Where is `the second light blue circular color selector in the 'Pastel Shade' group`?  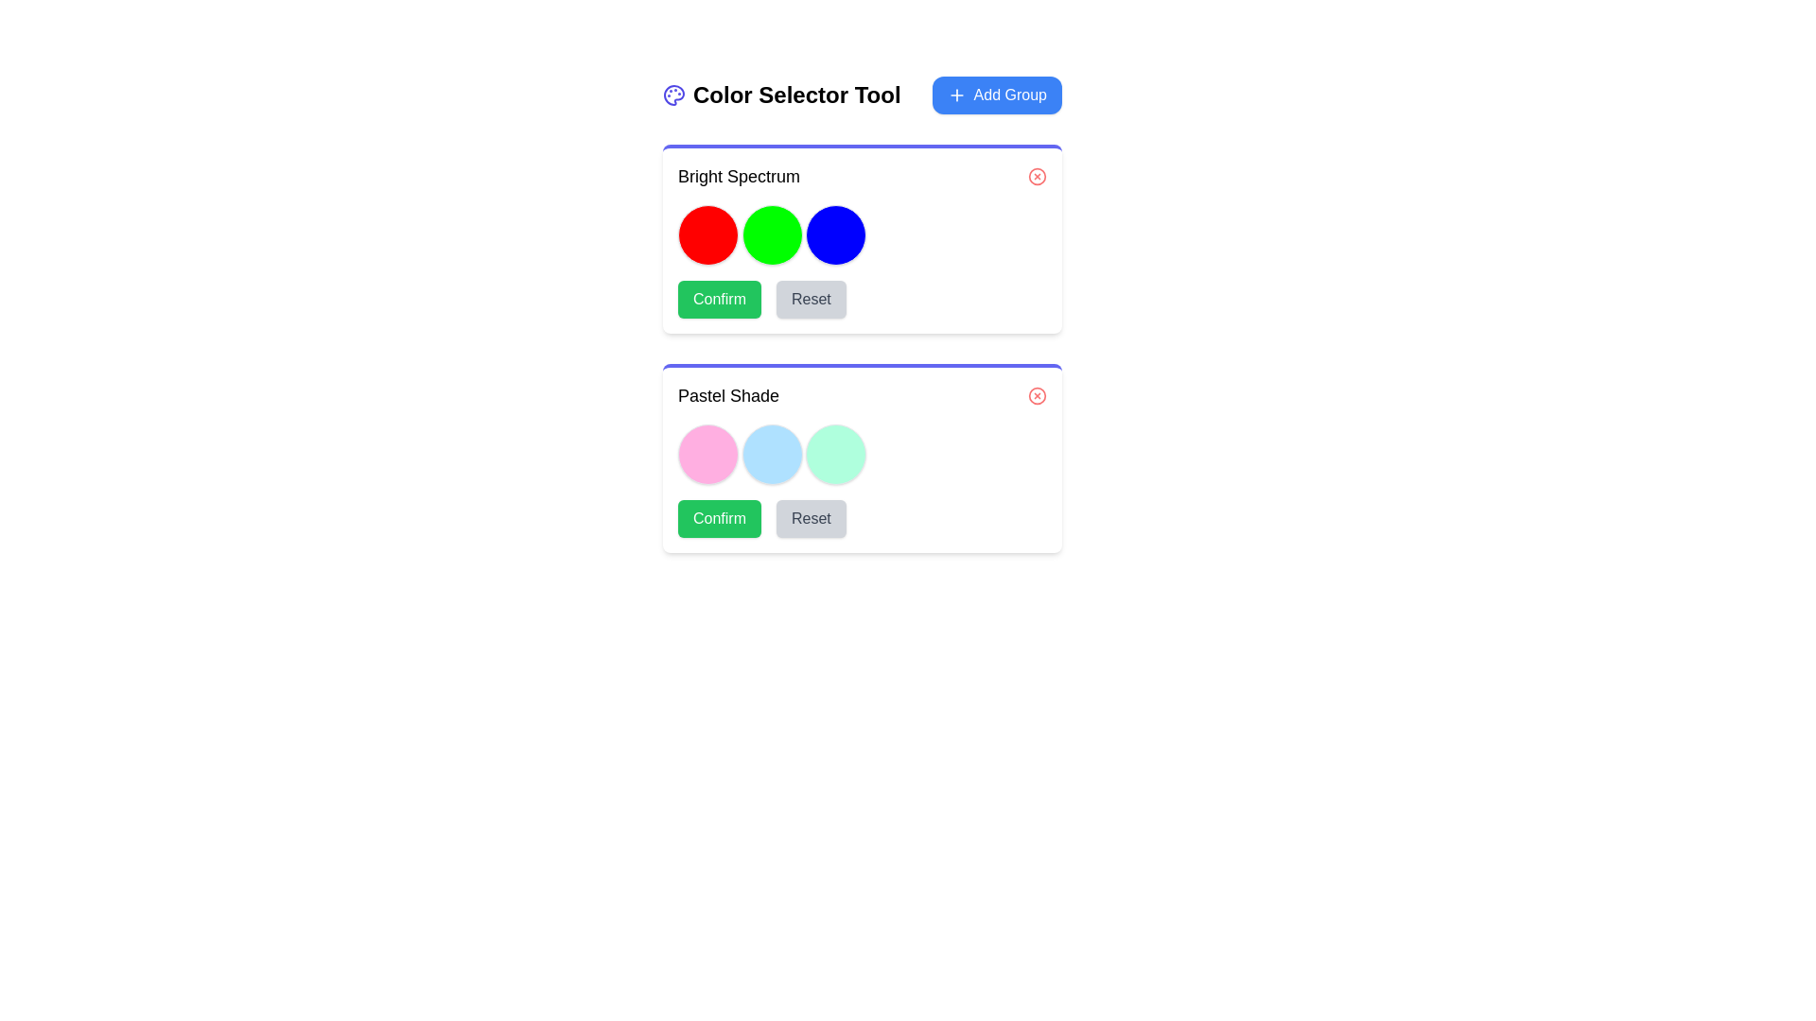
the second light blue circular color selector in the 'Pastel Shade' group is located at coordinates (772, 455).